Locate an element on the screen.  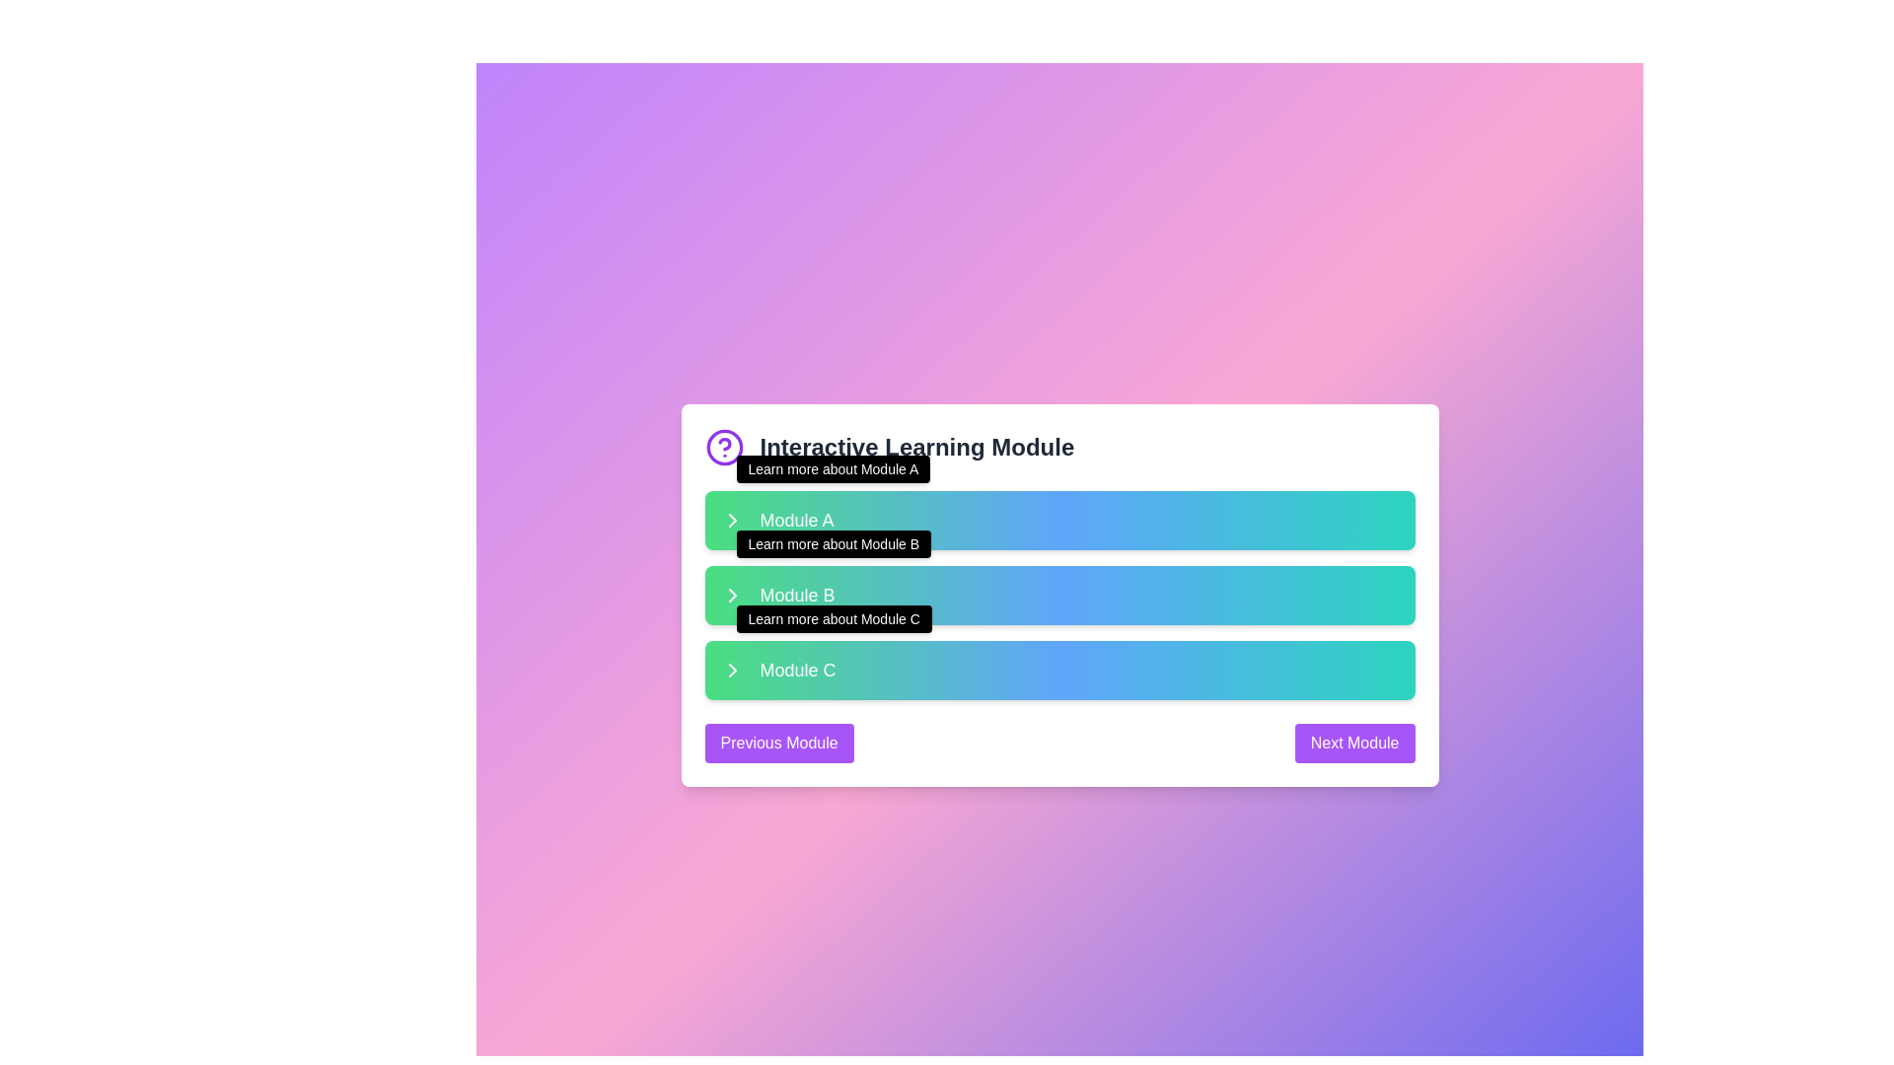
the right-facing chevron icon styled with a white stroke on a transparent background, located within the green gradient rectangle containing the text 'Module A' is located at coordinates (731, 520).